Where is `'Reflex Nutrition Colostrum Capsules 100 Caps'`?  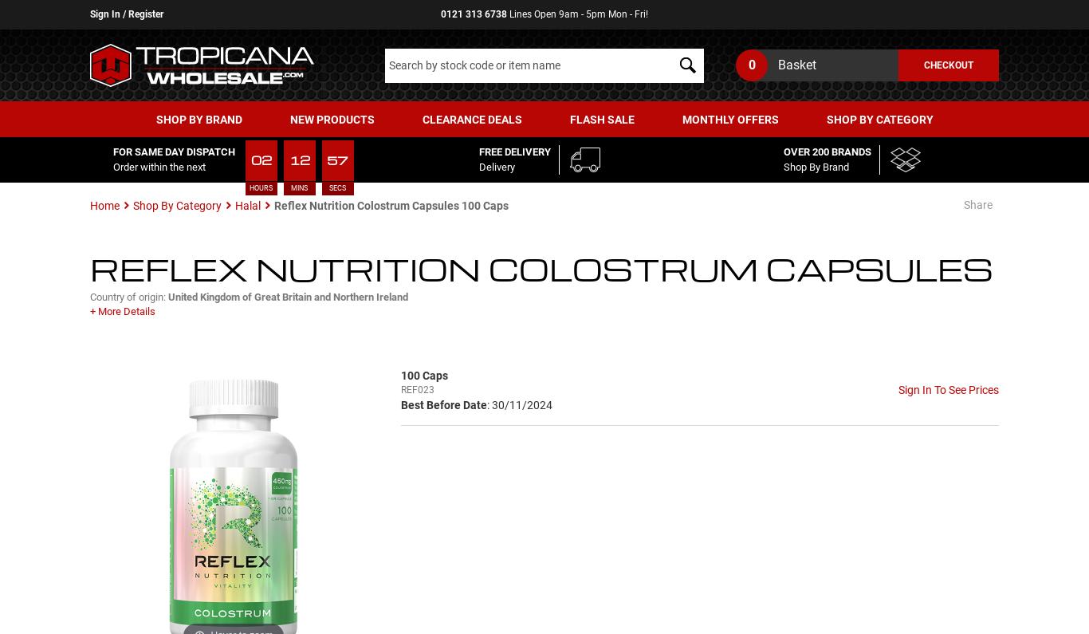 'Reflex Nutrition Colostrum Capsules 100 Caps' is located at coordinates (273, 205).